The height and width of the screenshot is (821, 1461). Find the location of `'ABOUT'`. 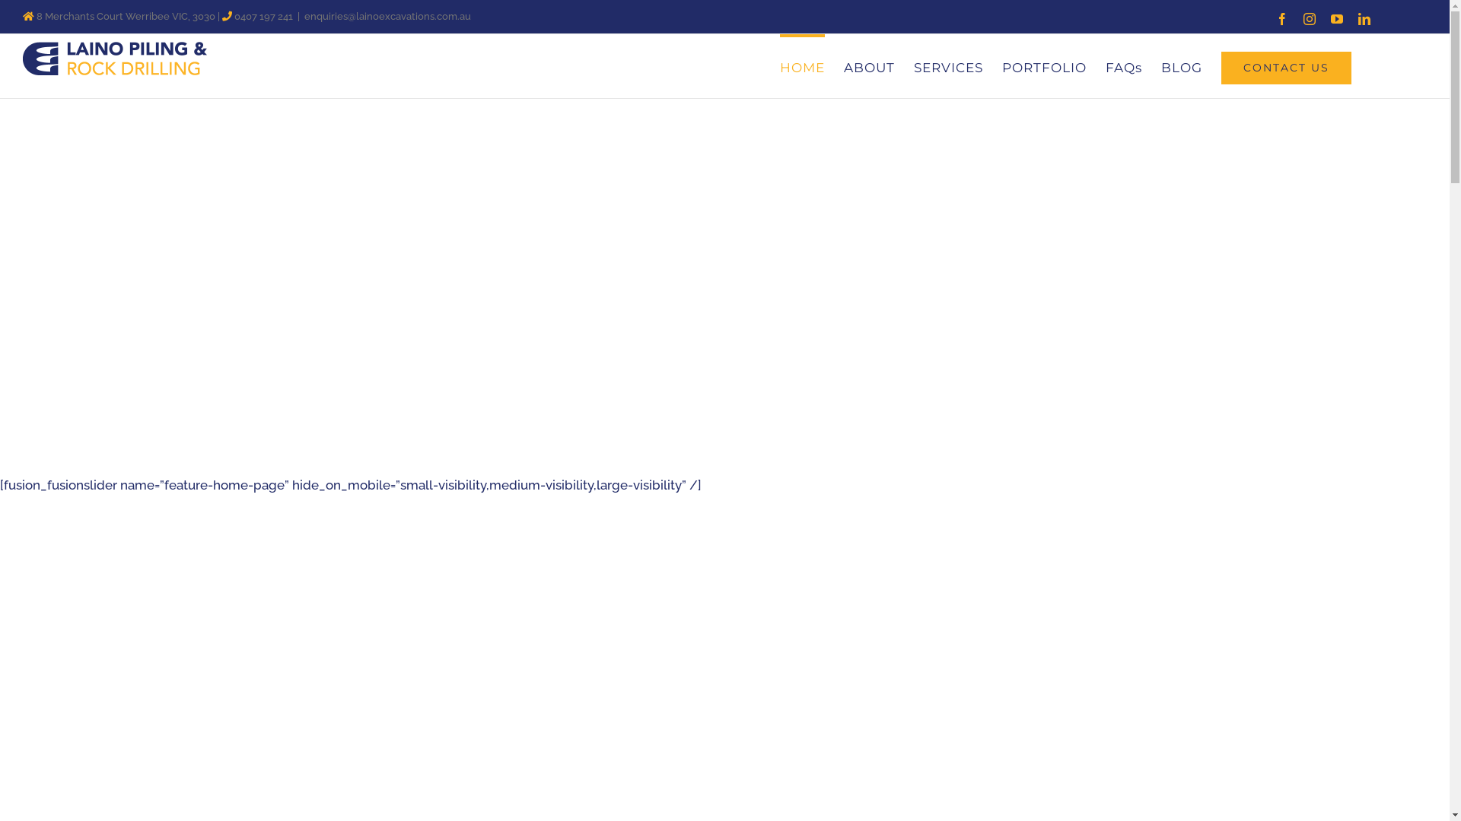

'ABOUT' is located at coordinates (869, 65).